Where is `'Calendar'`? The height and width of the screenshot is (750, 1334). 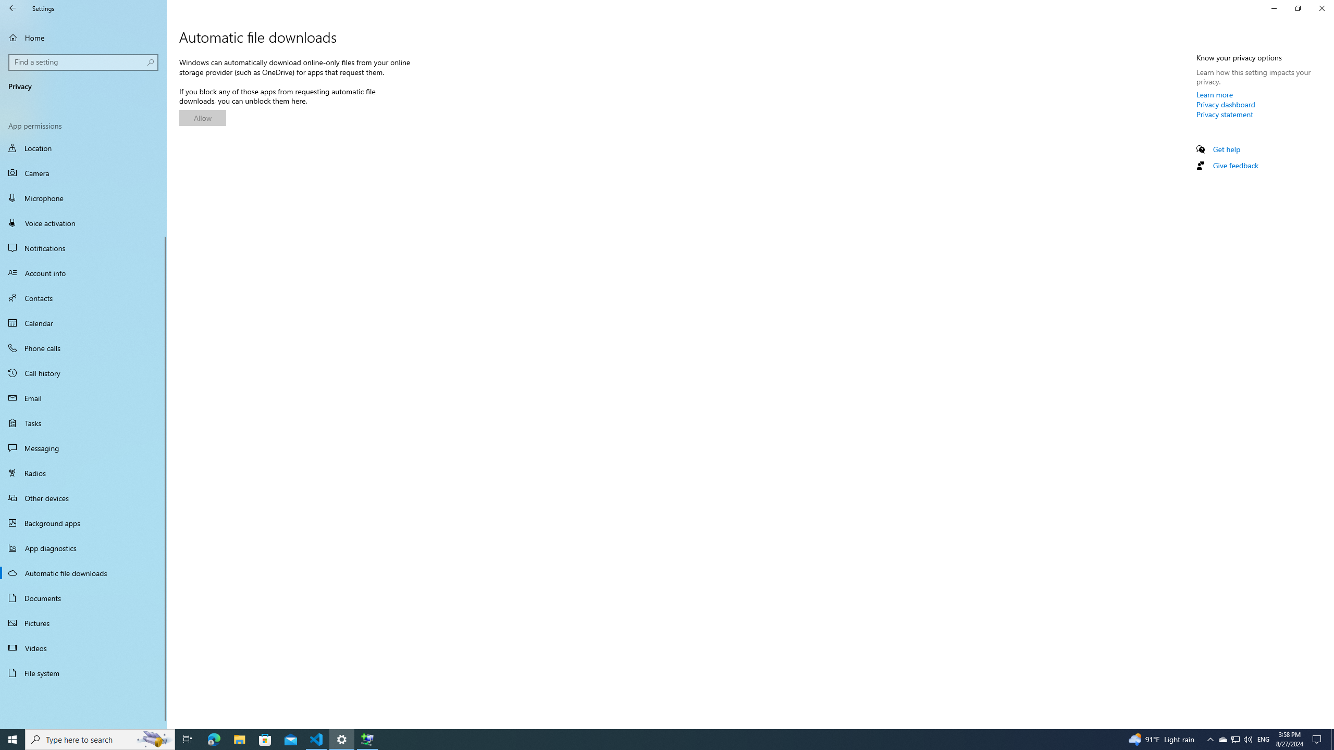
'Calendar' is located at coordinates (83, 322).